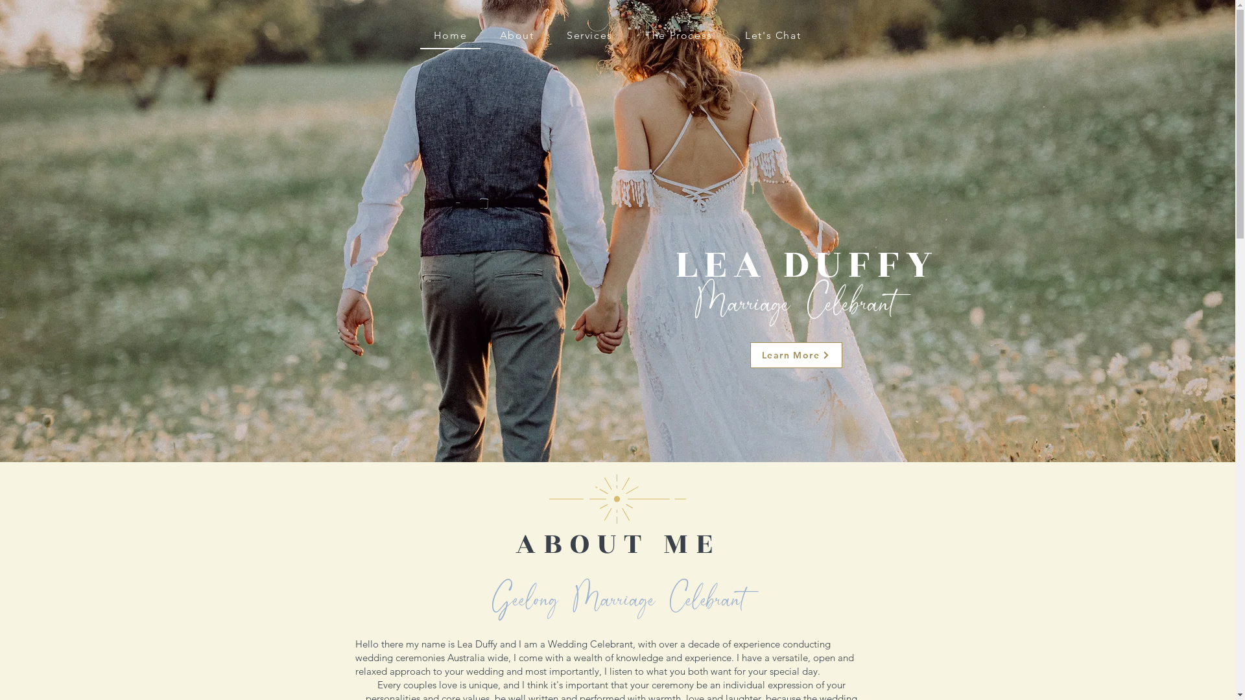  Describe the element at coordinates (516, 34) in the screenshot. I see `'About'` at that location.